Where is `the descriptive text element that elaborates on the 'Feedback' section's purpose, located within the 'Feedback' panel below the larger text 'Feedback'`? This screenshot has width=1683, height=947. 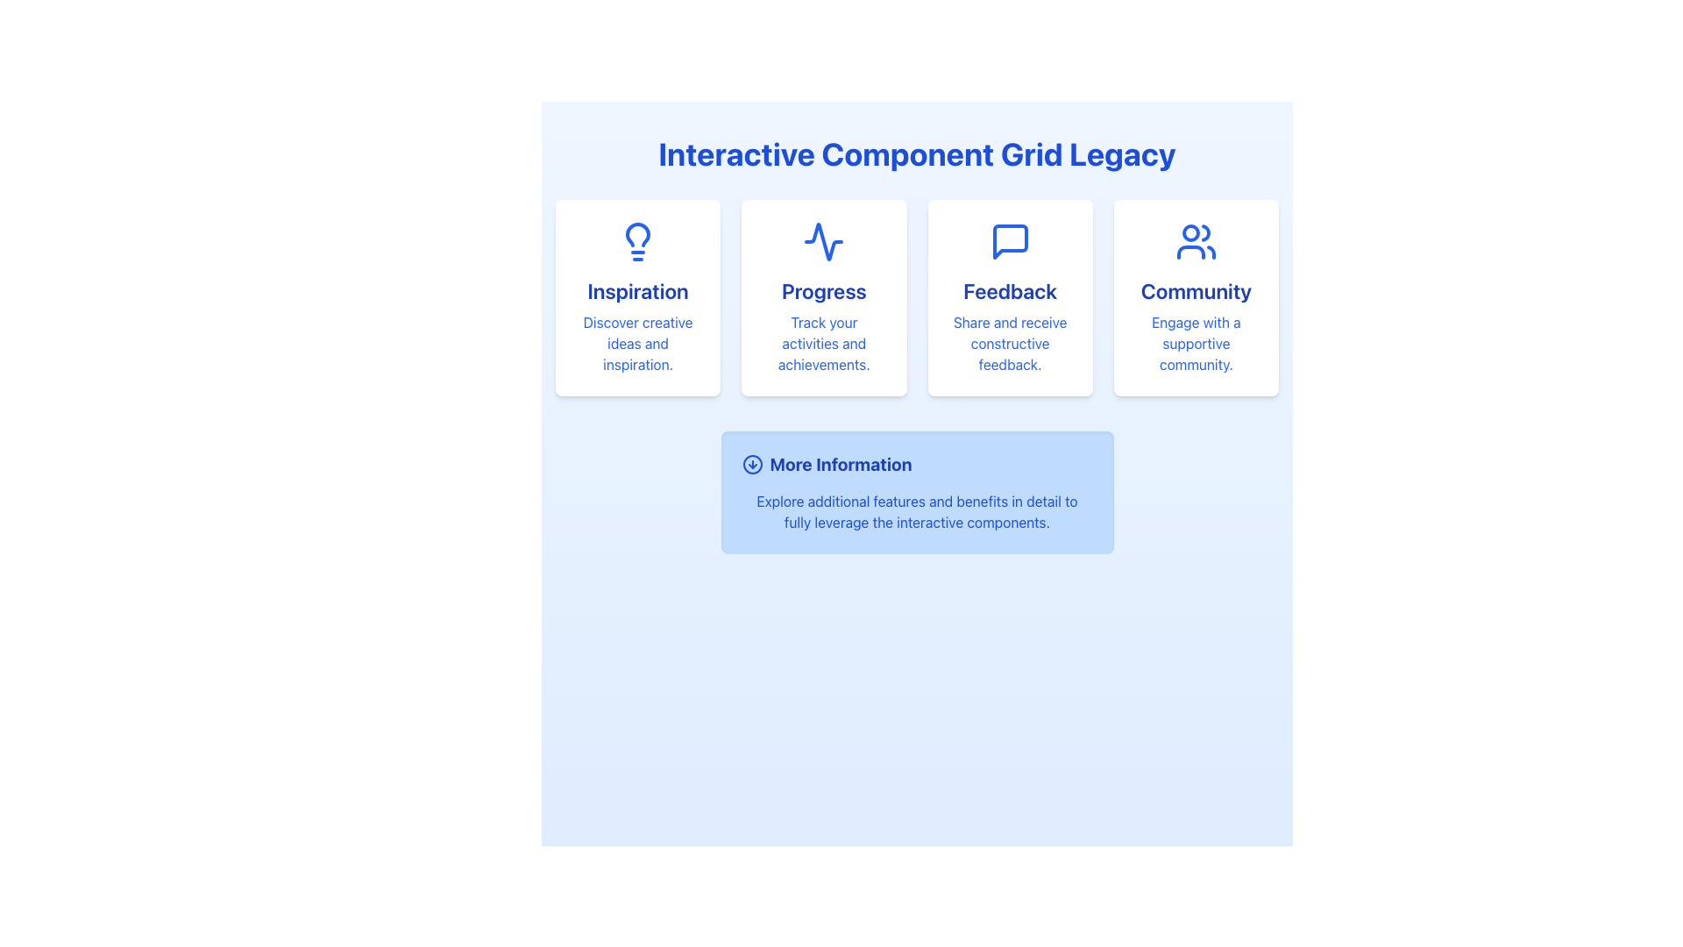
the descriptive text element that elaborates on the 'Feedback' section's purpose, located within the 'Feedback' panel below the larger text 'Feedback' is located at coordinates (1010, 344).